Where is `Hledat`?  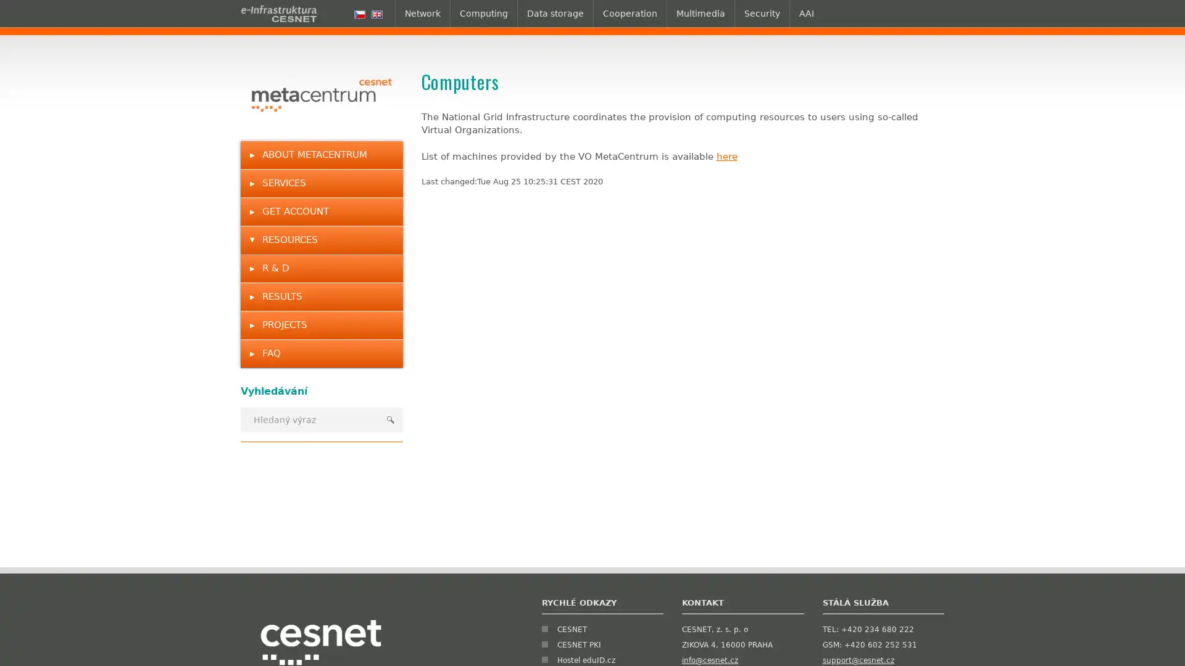
Hledat is located at coordinates (389, 418).